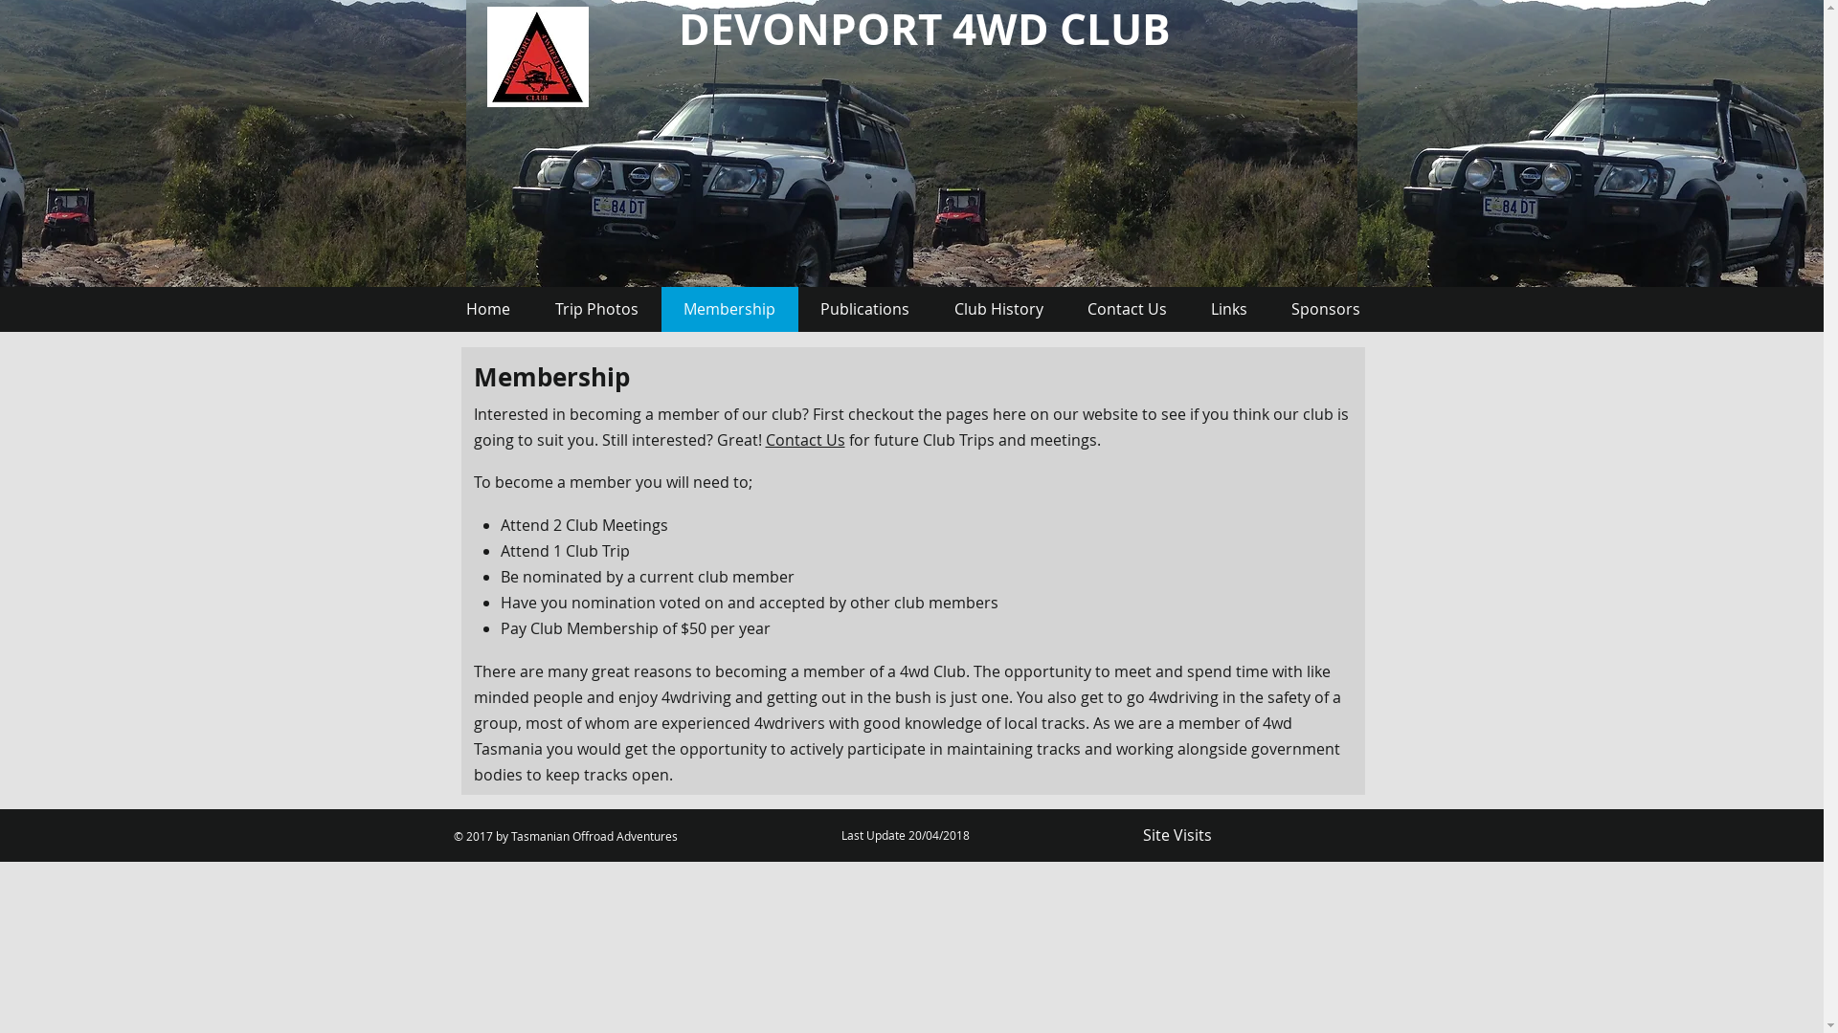  I want to click on 'Home', so click(443, 308).